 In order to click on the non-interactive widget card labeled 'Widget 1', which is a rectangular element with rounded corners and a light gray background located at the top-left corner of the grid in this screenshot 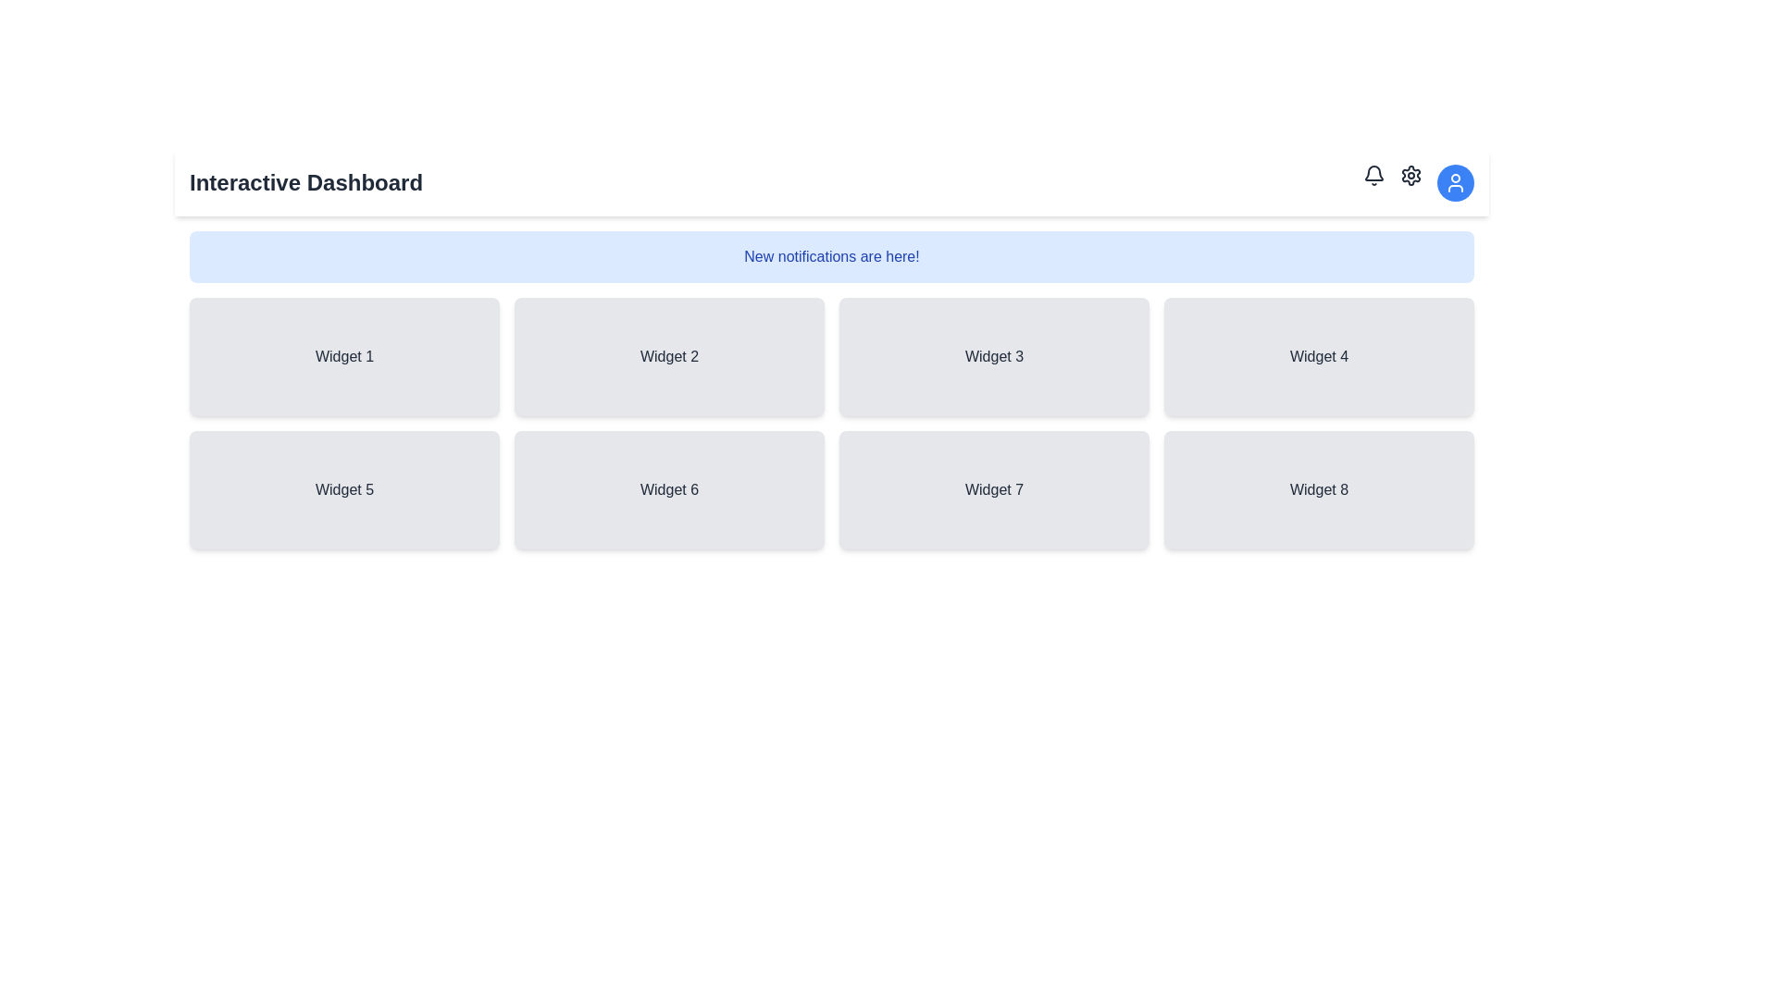, I will do `click(344, 356)`.